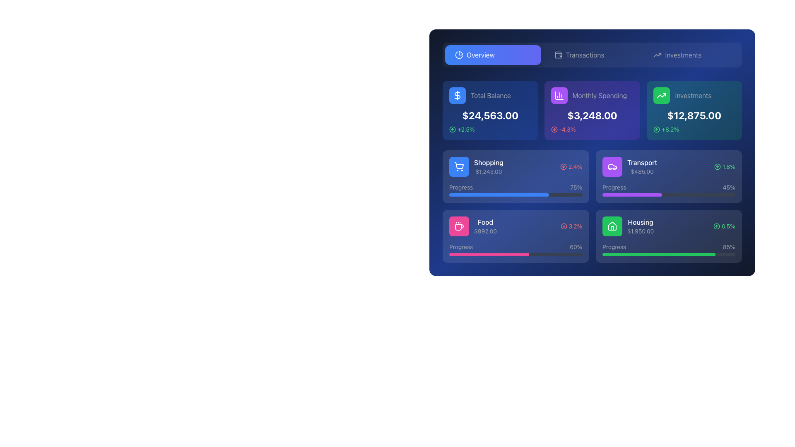 The width and height of the screenshot is (795, 447). What do you see at coordinates (493, 55) in the screenshot?
I see `the navigational button located at the top-left of the horizontal navigation bar` at bounding box center [493, 55].